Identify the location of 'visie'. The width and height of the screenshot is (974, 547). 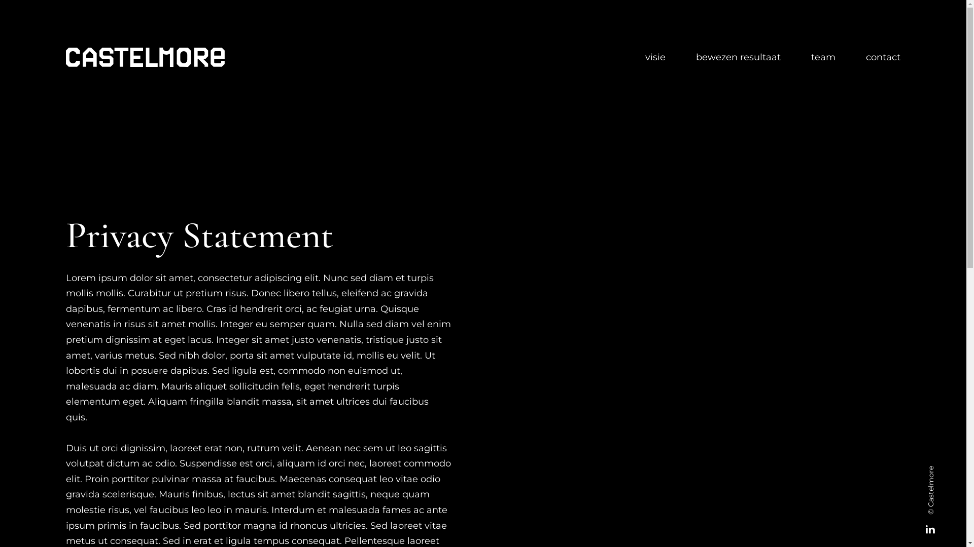
(655, 57).